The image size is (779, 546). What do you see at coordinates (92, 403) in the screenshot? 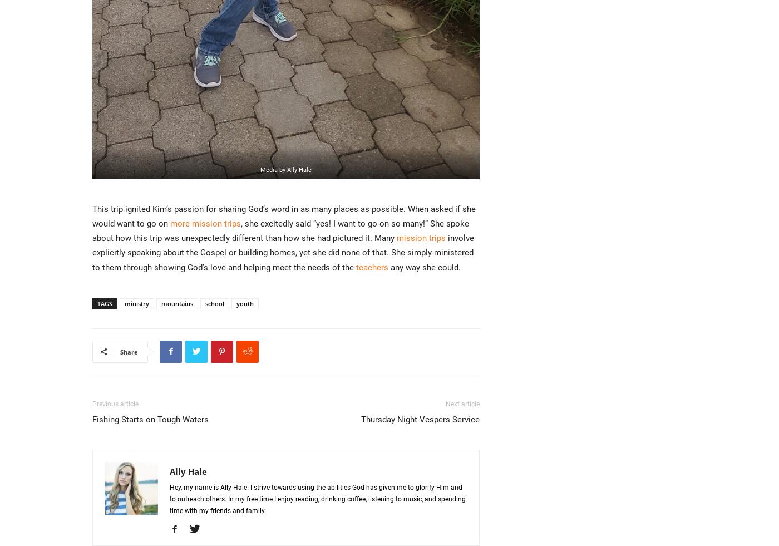
I see `'Previous article'` at bounding box center [92, 403].